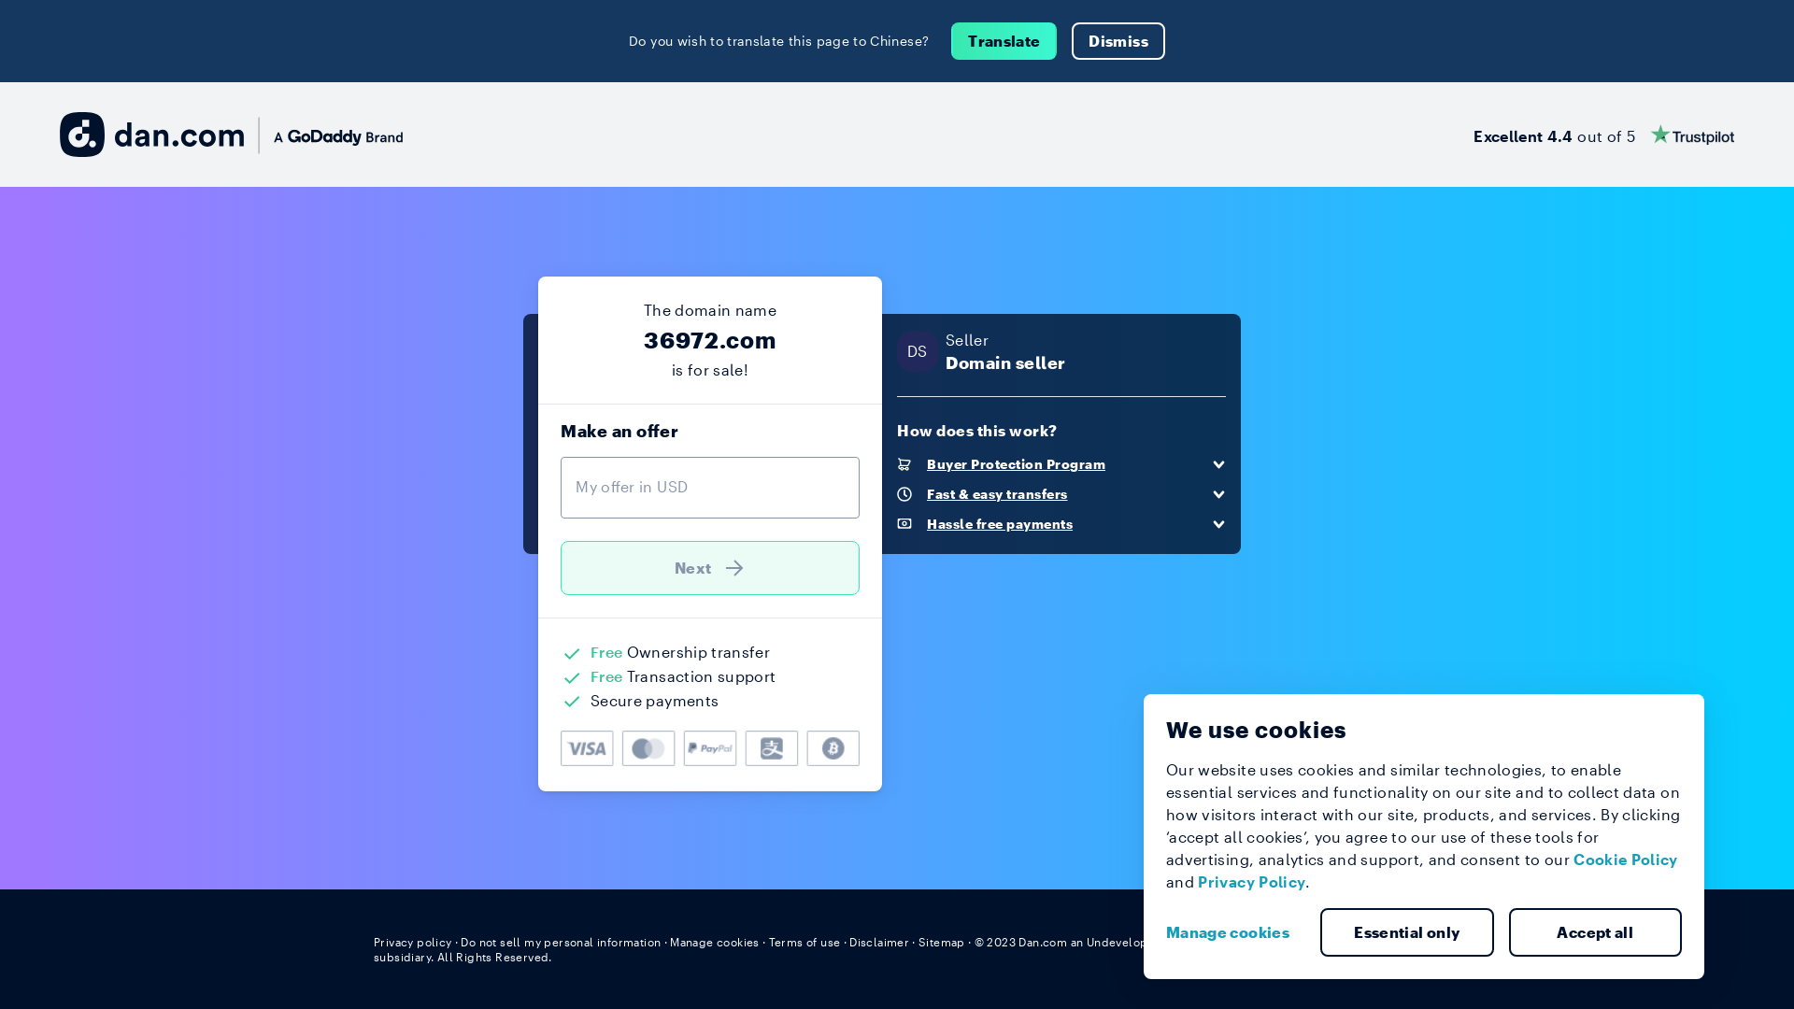 This screenshot has height=1009, width=1794. I want to click on 'Accept all', so click(1594, 932).